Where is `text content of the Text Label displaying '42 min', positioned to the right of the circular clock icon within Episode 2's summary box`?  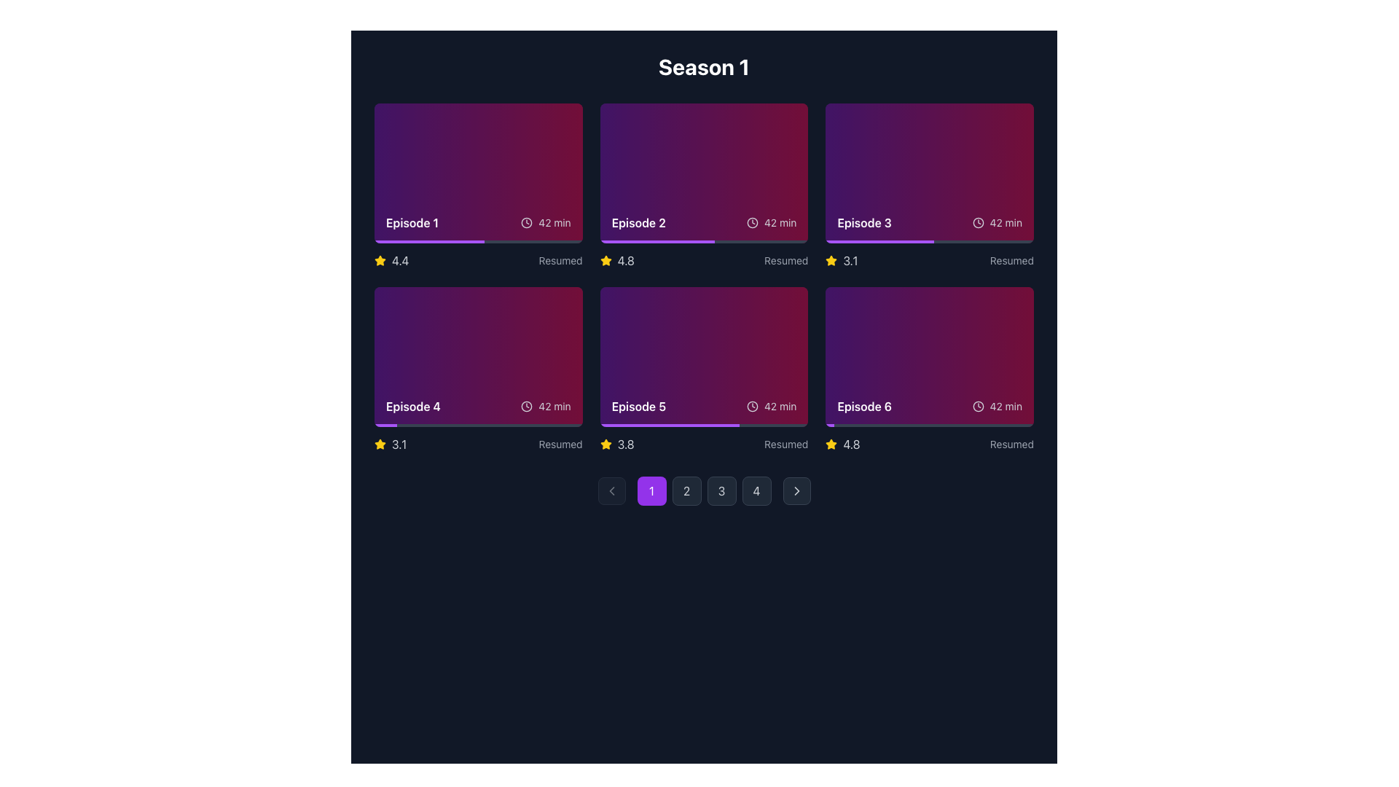 text content of the Text Label displaying '42 min', positioned to the right of the circular clock icon within Episode 2's summary box is located at coordinates (780, 222).